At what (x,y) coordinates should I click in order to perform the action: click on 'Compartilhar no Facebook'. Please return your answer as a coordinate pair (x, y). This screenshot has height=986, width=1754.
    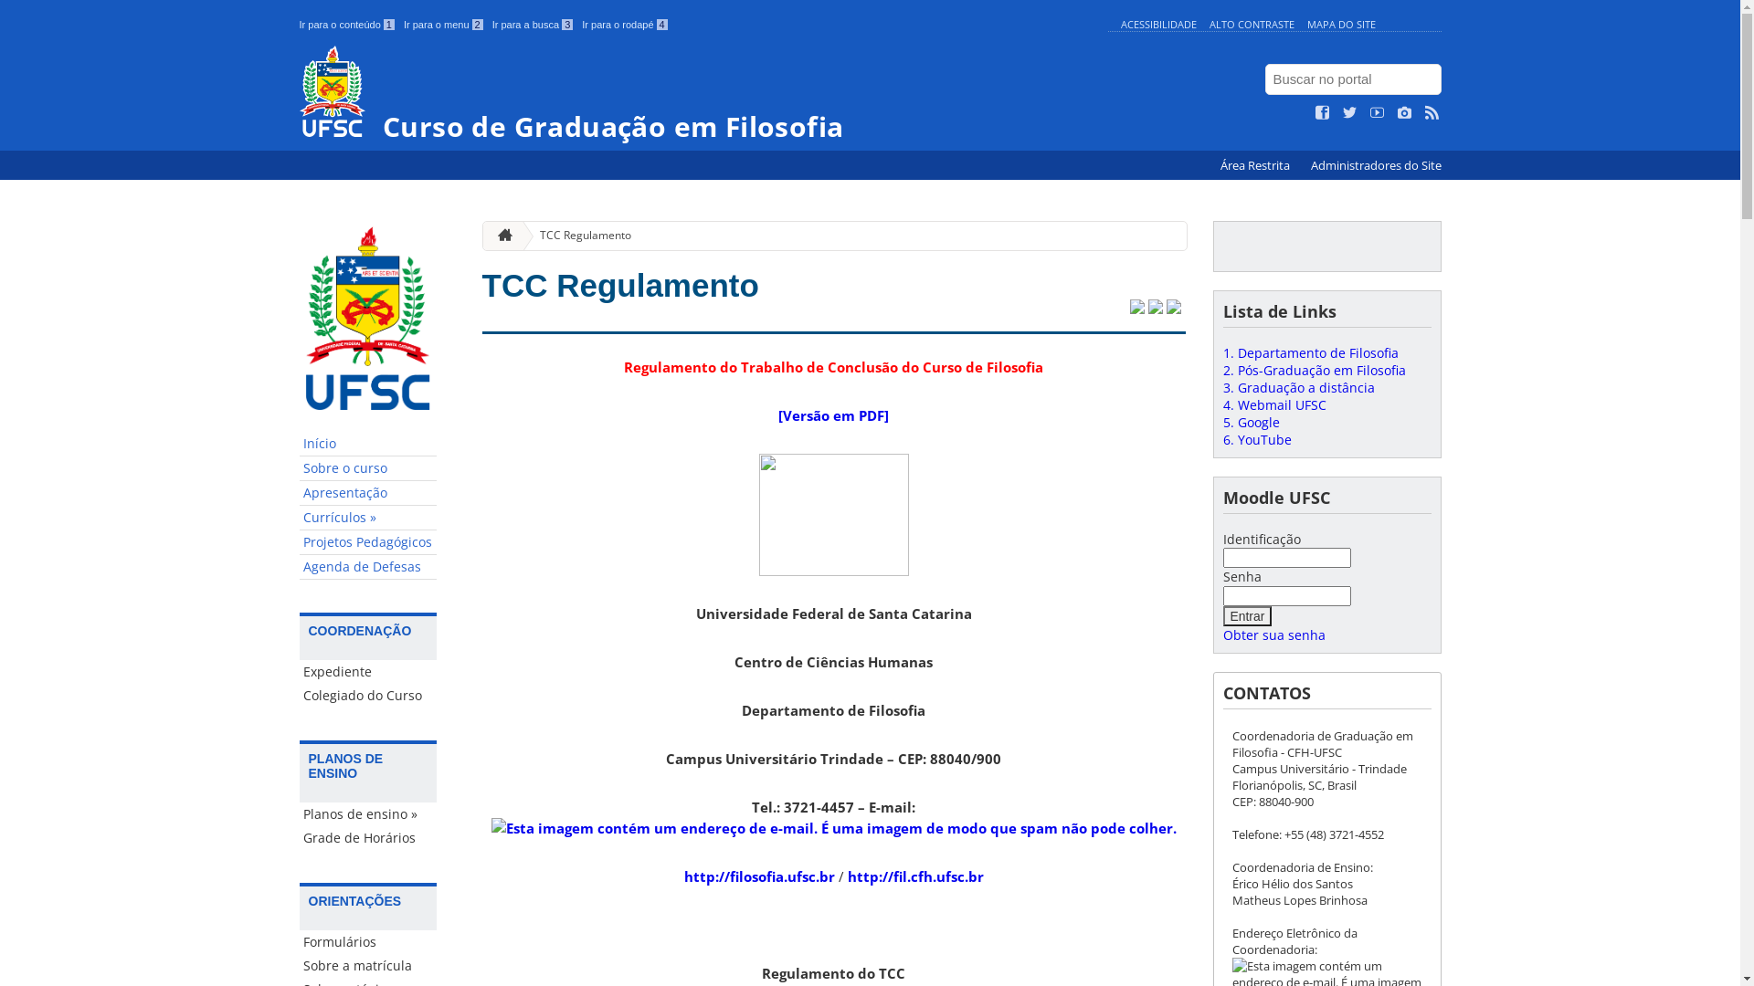
    Looking at the image, I should click on (1153, 308).